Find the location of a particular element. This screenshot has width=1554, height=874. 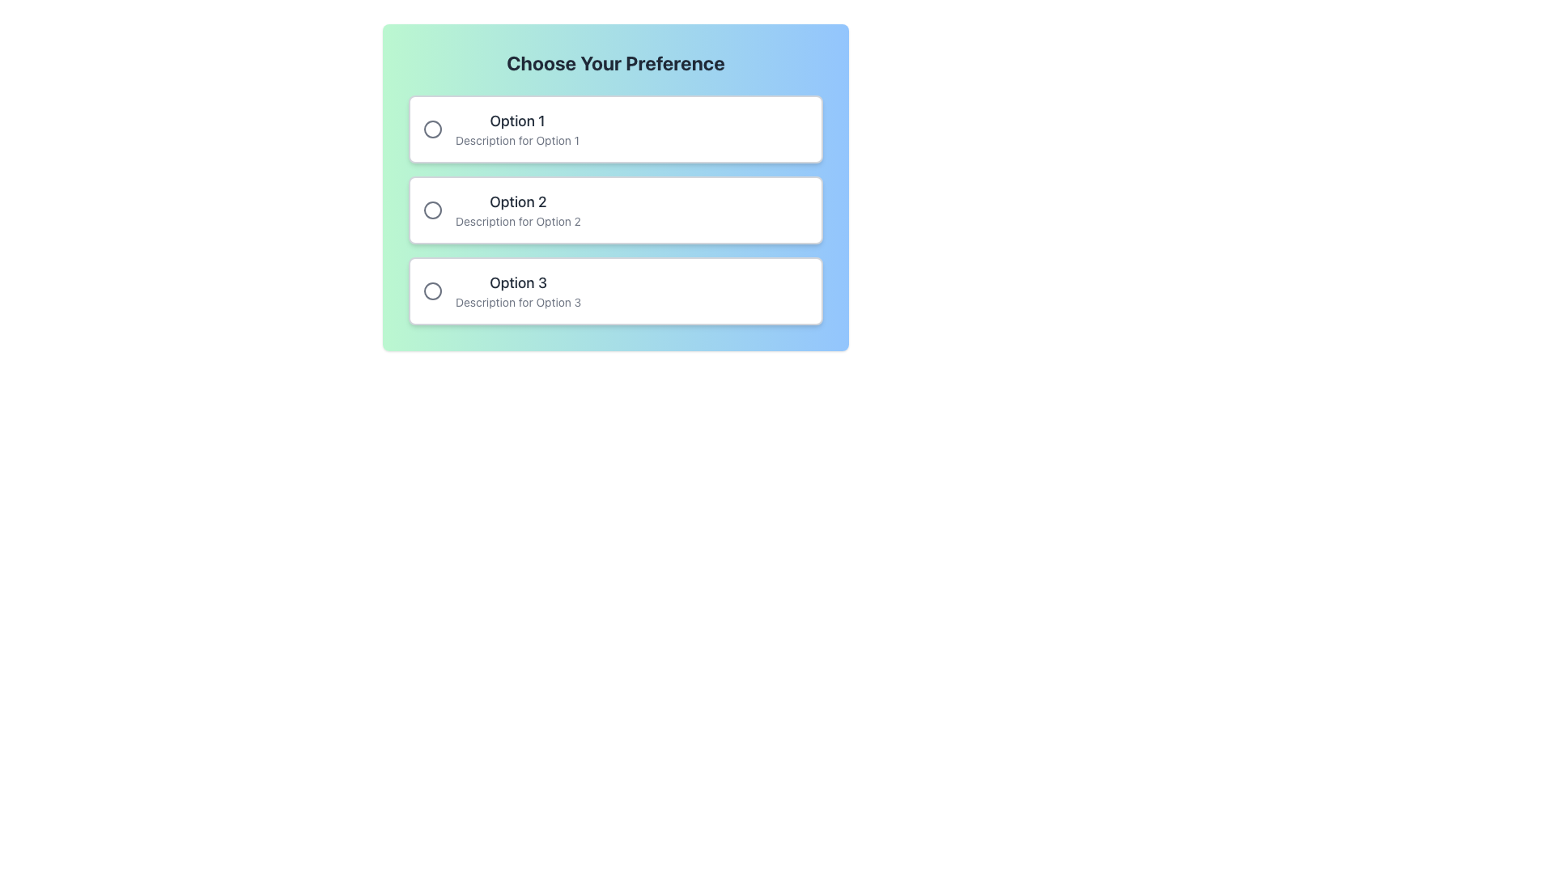

the second selectable option in the list is located at coordinates (615, 209).